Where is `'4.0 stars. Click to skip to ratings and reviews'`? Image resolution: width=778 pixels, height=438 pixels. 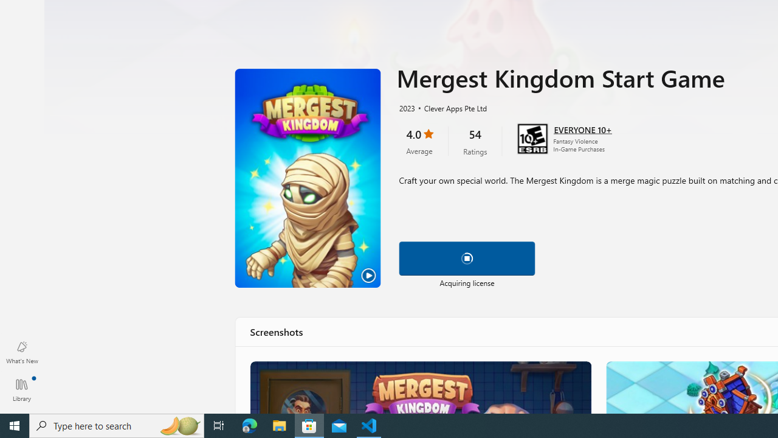
'4.0 stars. Click to skip to ratings and reviews' is located at coordinates (419, 141).